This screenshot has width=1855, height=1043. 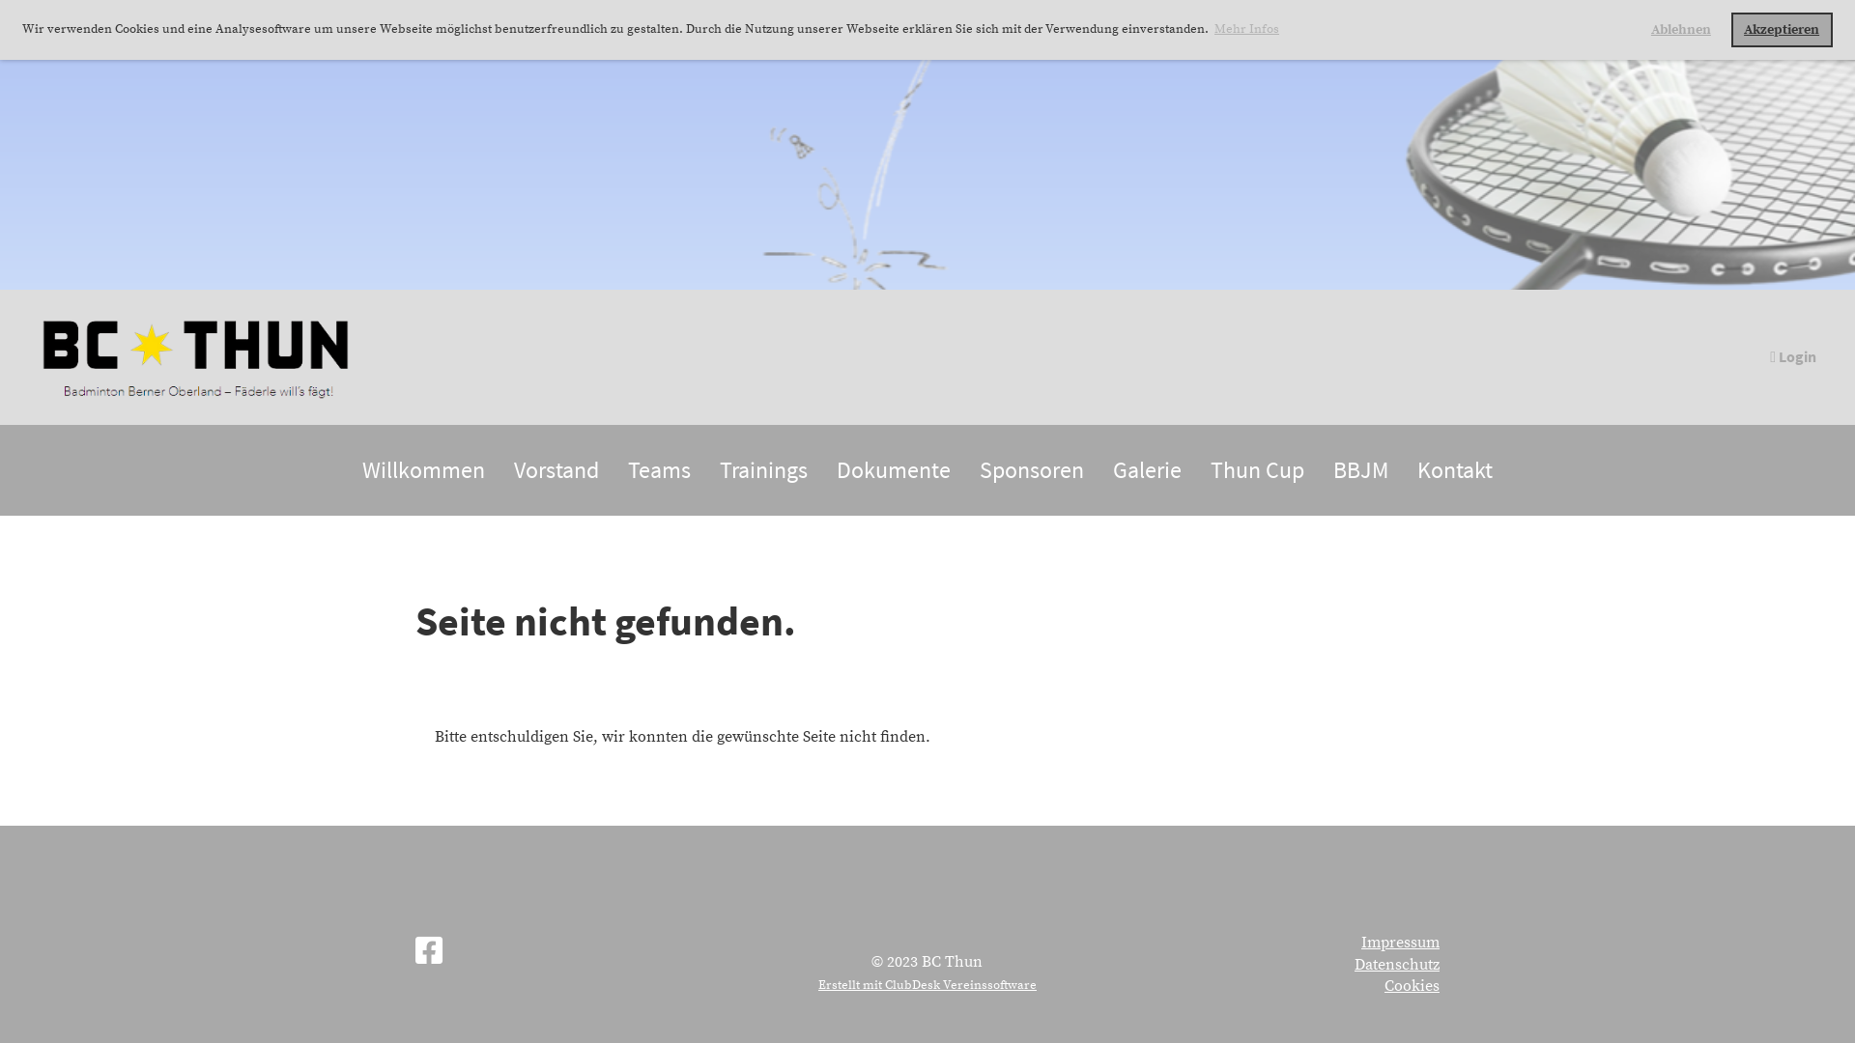 What do you see at coordinates (1412, 986) in the screenshot?
I see `'Cookies'` at bounding box center [1412, 986].